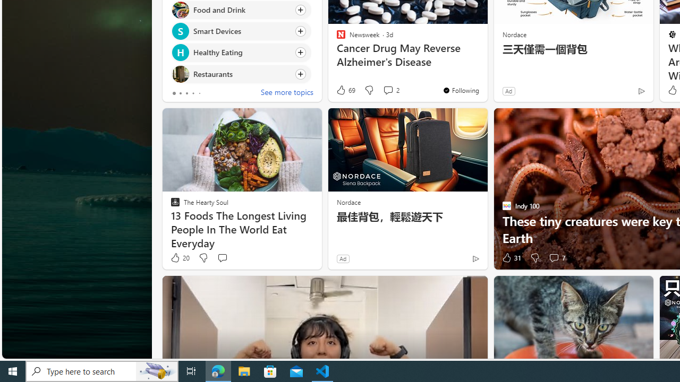  What do you see at coordinates (240, 10) in the screenshot?
I see `'Click to follow topic Food and Drink'` at bounding box center [240, 10].